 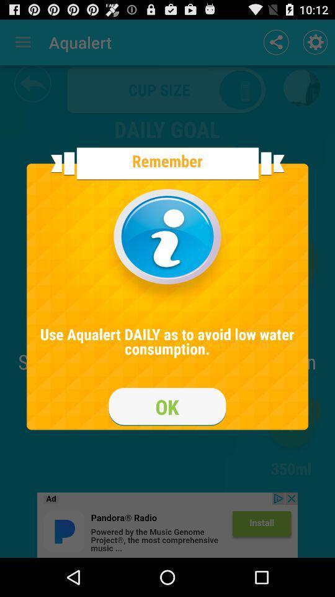 What do you see at coordinates (167, 406) in the screenshot?
I see `ok button` at bounding box center [167, 406].